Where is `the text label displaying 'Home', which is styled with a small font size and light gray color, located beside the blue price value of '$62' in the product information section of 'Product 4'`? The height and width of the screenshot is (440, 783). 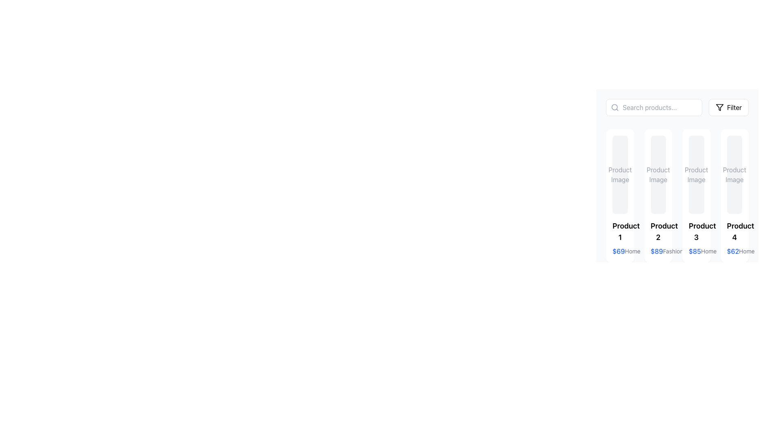
the text label displaying 'Home', which is styled with a small font size and light gray color, located beside the blue price value of '$62' in the product information section of 'Product 4' is located at coordinates (747, 251).